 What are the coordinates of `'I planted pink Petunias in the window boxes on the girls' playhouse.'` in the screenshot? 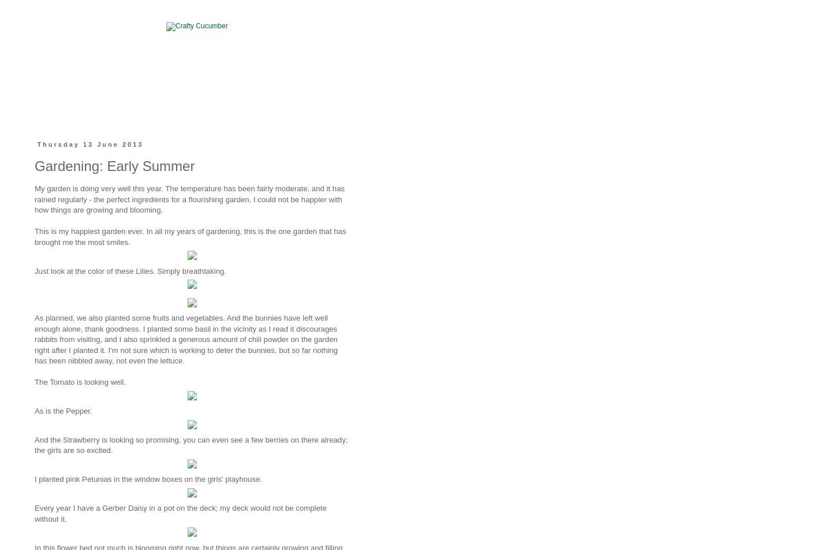 It's located at (148, 479).